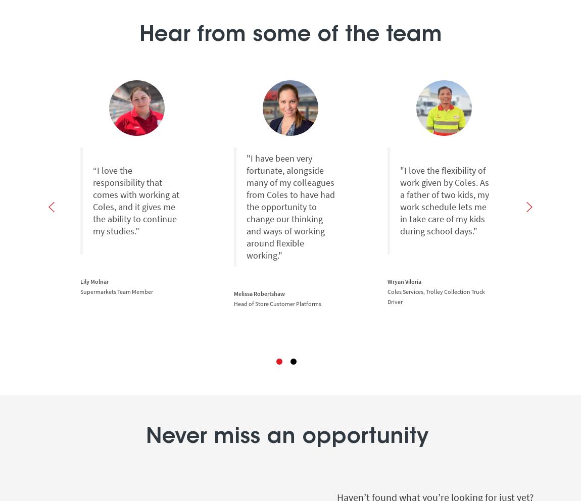 This screenshot has height=501, width=581. Describe the element at coordinates (290, 36) in the screenshot. I see `'Hear from some of the team'` at that location.